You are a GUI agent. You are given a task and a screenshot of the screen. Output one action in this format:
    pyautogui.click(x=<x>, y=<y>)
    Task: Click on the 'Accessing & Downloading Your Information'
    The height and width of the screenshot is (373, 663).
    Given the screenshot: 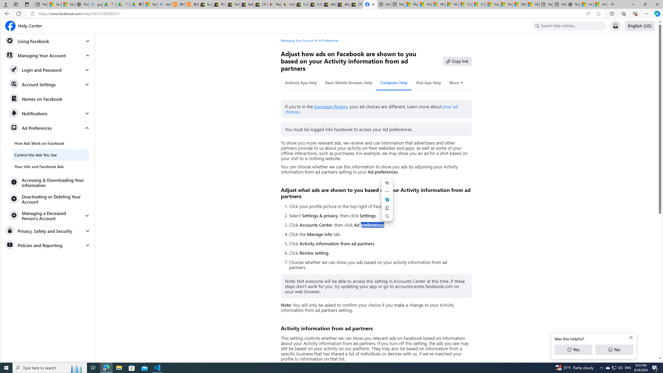 What is the action you would take?
    pyautogui.click(x=49, y=182)
    